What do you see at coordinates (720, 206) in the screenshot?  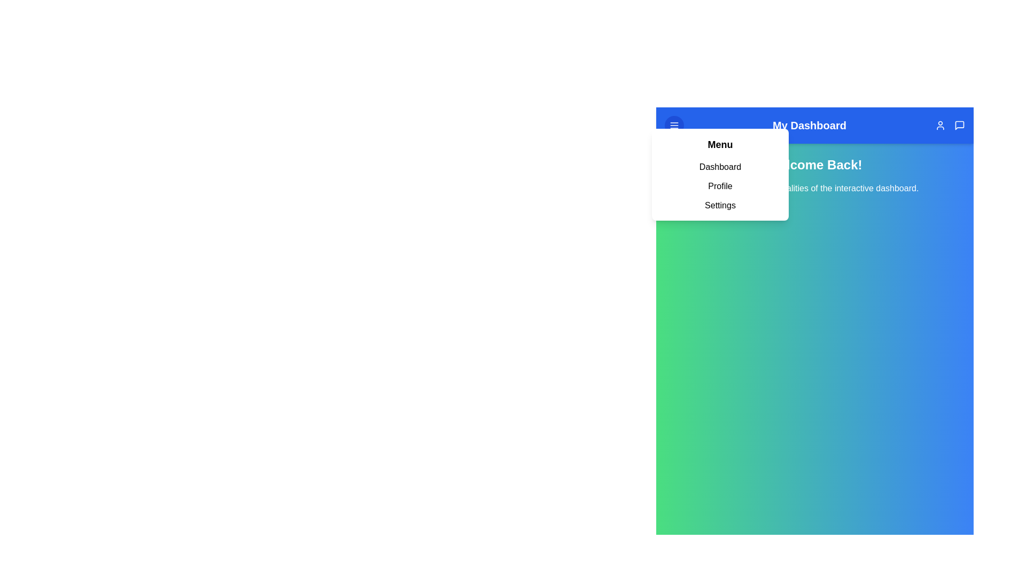 I see `the menu option Settings from the menu` at bounding box center [720, 206].